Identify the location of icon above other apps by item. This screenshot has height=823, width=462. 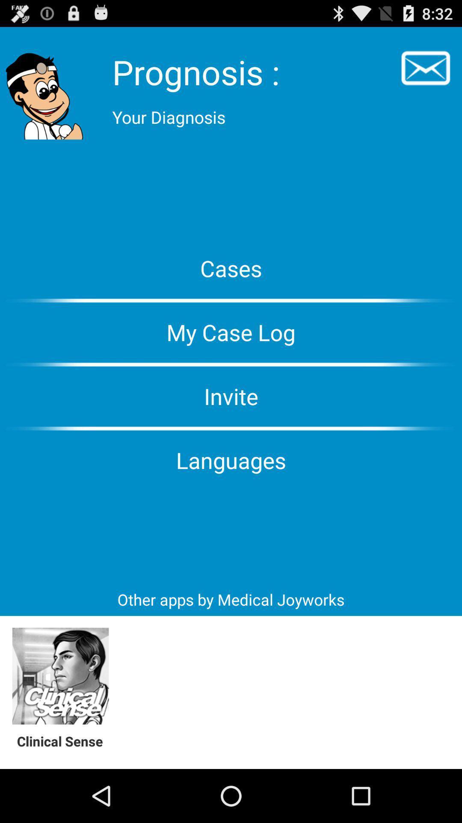
(231, 460).